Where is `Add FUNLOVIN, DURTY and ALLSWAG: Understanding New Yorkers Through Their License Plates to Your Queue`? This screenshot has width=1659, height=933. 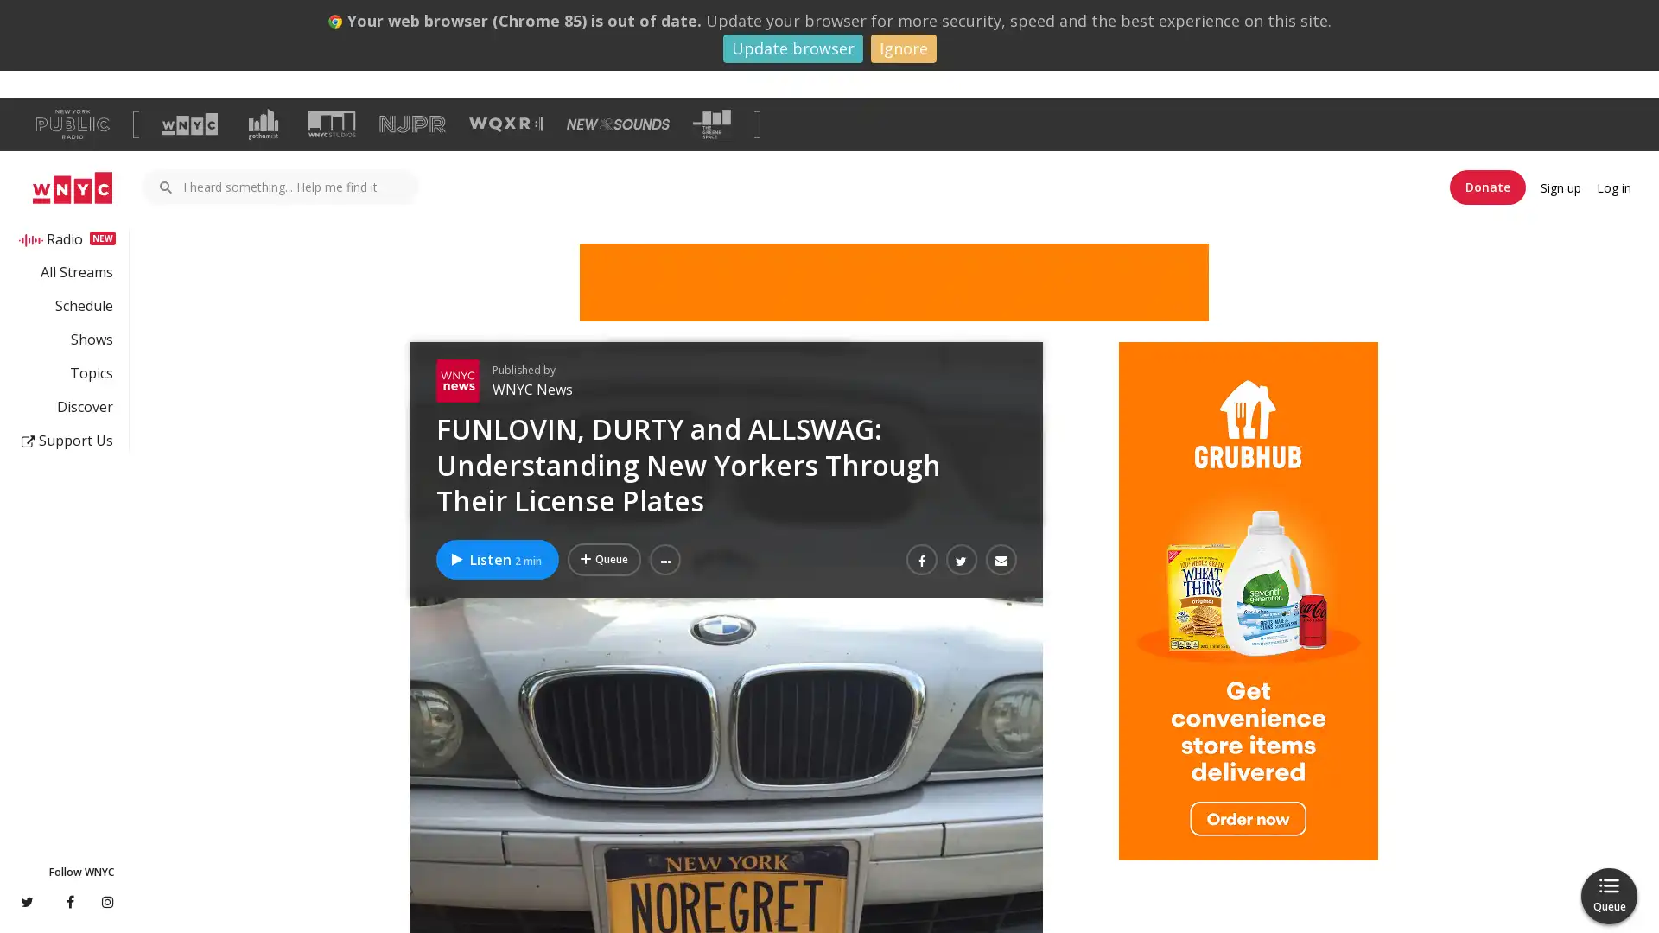
Add FUNLOVIN, DURTY and ALLSWAG: Understanding New Yorkers Through Their License Plates to Your Queue is located at coordinates (604, 559).